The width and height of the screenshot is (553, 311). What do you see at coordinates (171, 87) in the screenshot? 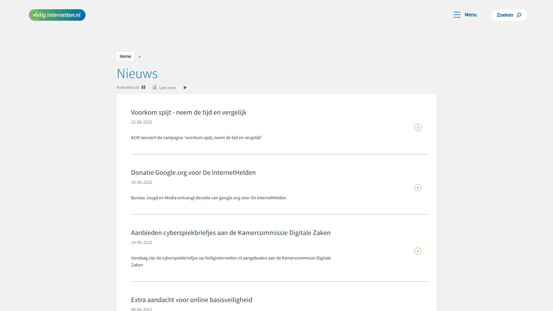
I see `Lees voor` at bounding box center [171, 87].